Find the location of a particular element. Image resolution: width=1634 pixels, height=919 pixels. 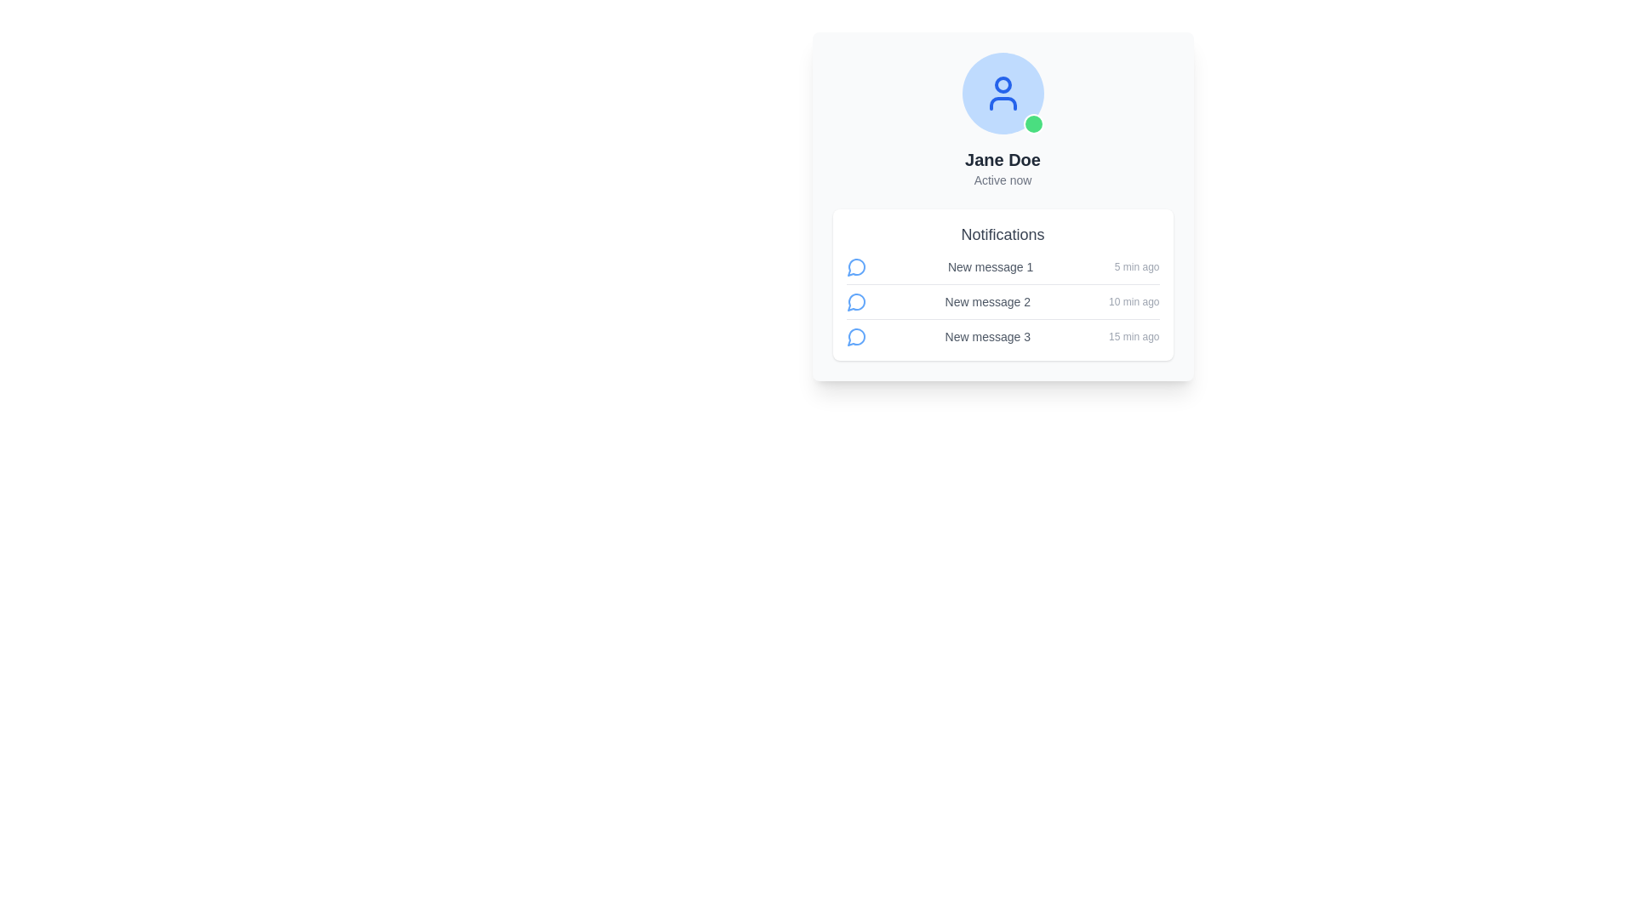

the user icon, which is a blue avatar silhouette with a circular head and curved shoulders, located at the center of its light blue circular background in the profile section of the notification panel is located at coordinates (1003, 94).